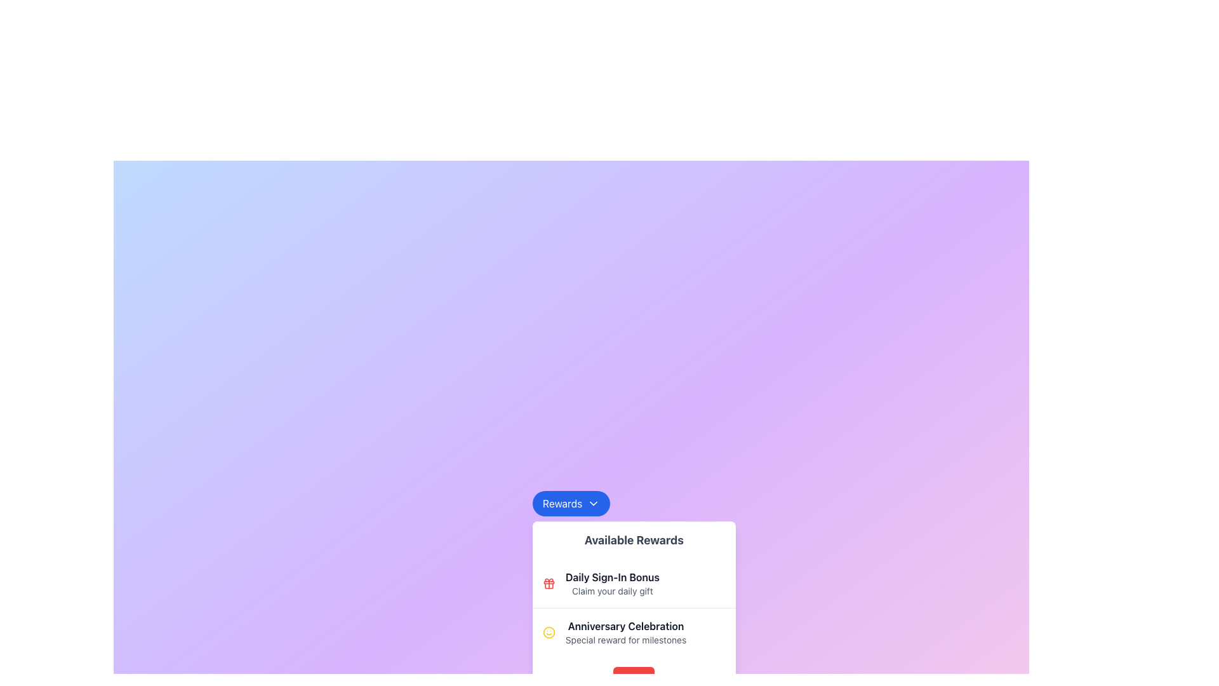 The width and height of the screenshot is (1219, 686). Describe the element at coordinates (626, 640) in the screenshot. I see `the text label that reads 'Special reward for milestones', which is styled with a small-sized font in light gray color and positioned below the title 'Anniversary Celebration' in the 'Available Rewards' section` at that location.